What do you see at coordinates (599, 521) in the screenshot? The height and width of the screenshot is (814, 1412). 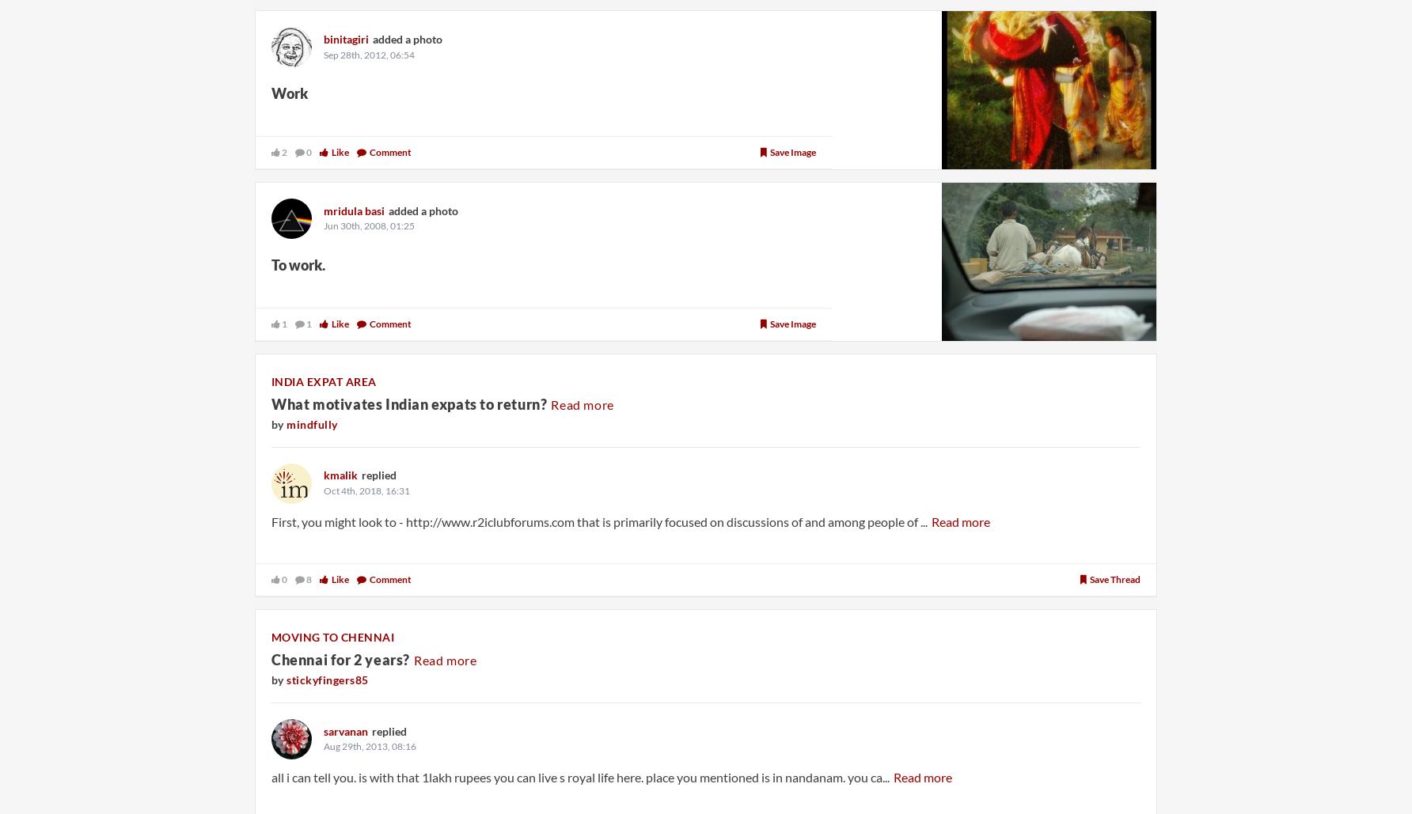 I see `'First, you might look to - http://www.r2iclubforums.com that is primarily focused on discussions of and among people of ...'` at bounding box center [599, 521].